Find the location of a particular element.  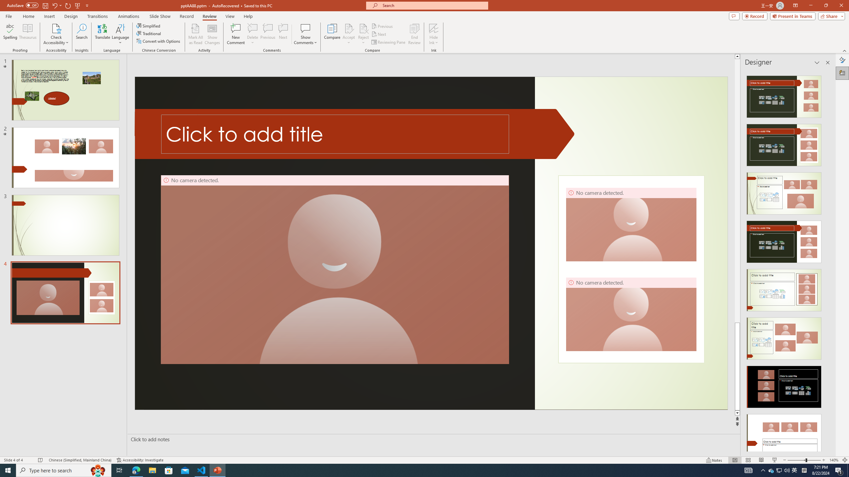

'Compare' is located at coordinates (332, 34).